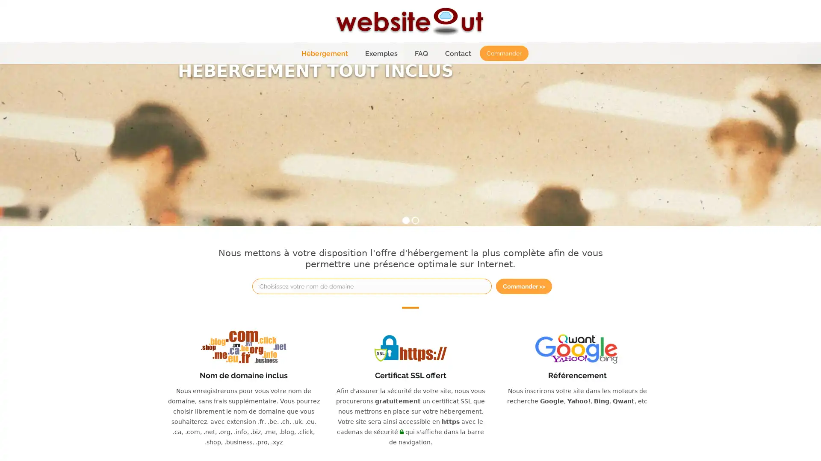 This screenshot has height=461, width=821. Describe the element at coordinates (503, 53) in the screenshot. I see `Commander` at that location.